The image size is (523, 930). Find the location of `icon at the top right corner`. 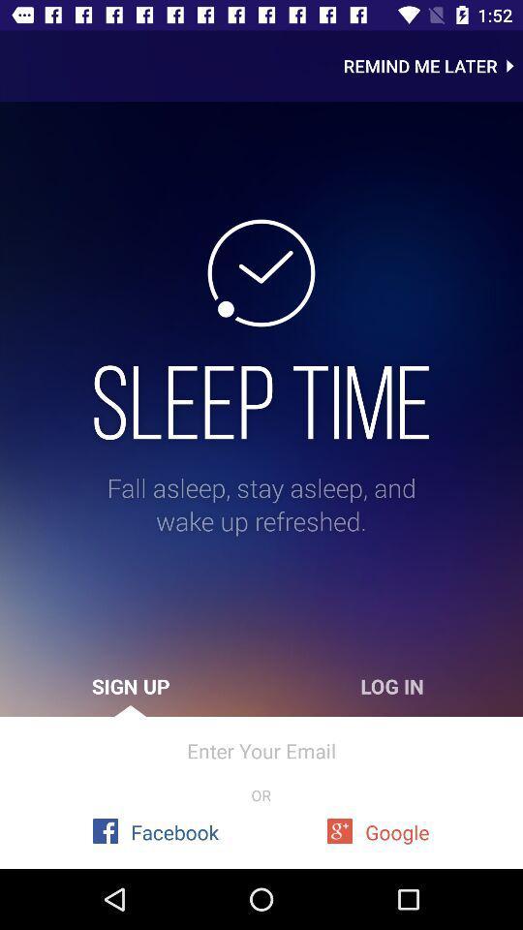

icon at the top right corner is located at coordinates (433, 66).